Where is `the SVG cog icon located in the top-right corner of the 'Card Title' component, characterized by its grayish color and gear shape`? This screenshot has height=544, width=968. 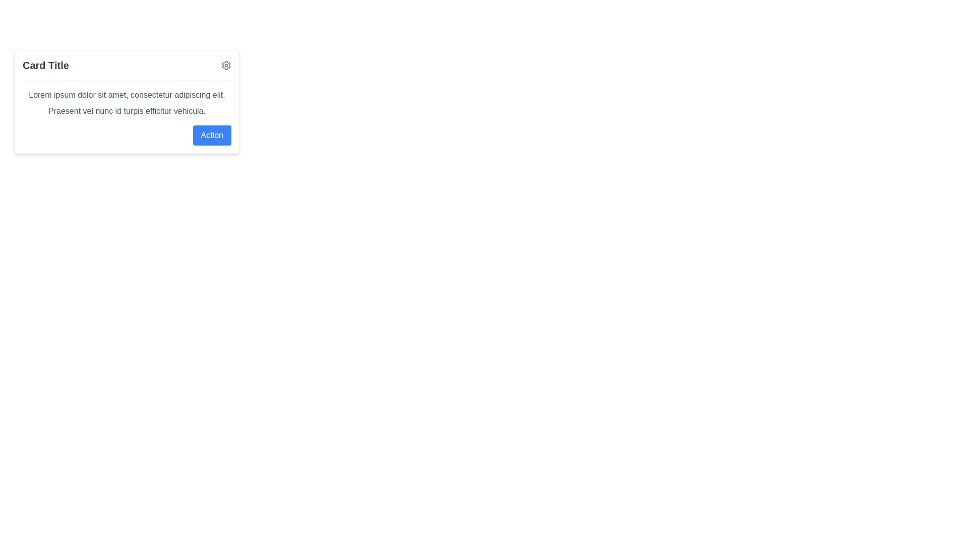 the SVG cog icon located in the top-right corner of the 'Card Title' component, characterized by its grayish color and gear shape is located at coordinates (226, 65).